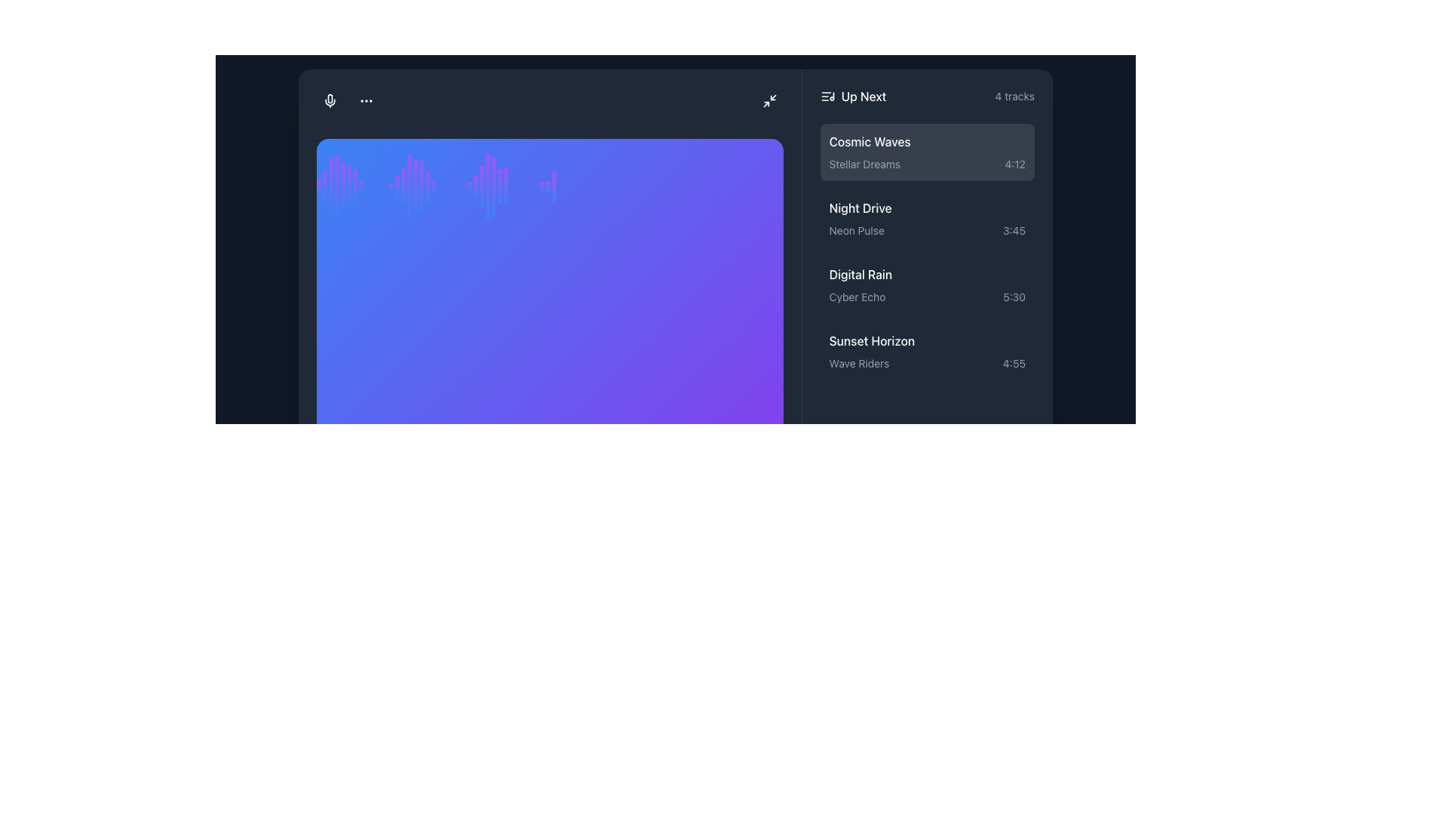 Image resolution: width=1448 pixels, height=815 pixels. What do you see at coordinates (324, 185) in the screenshot?
I see `the second vertical gradient bar located on the left side of the interface near the upper region of the gradient background section` at bounding box center [324, 185].